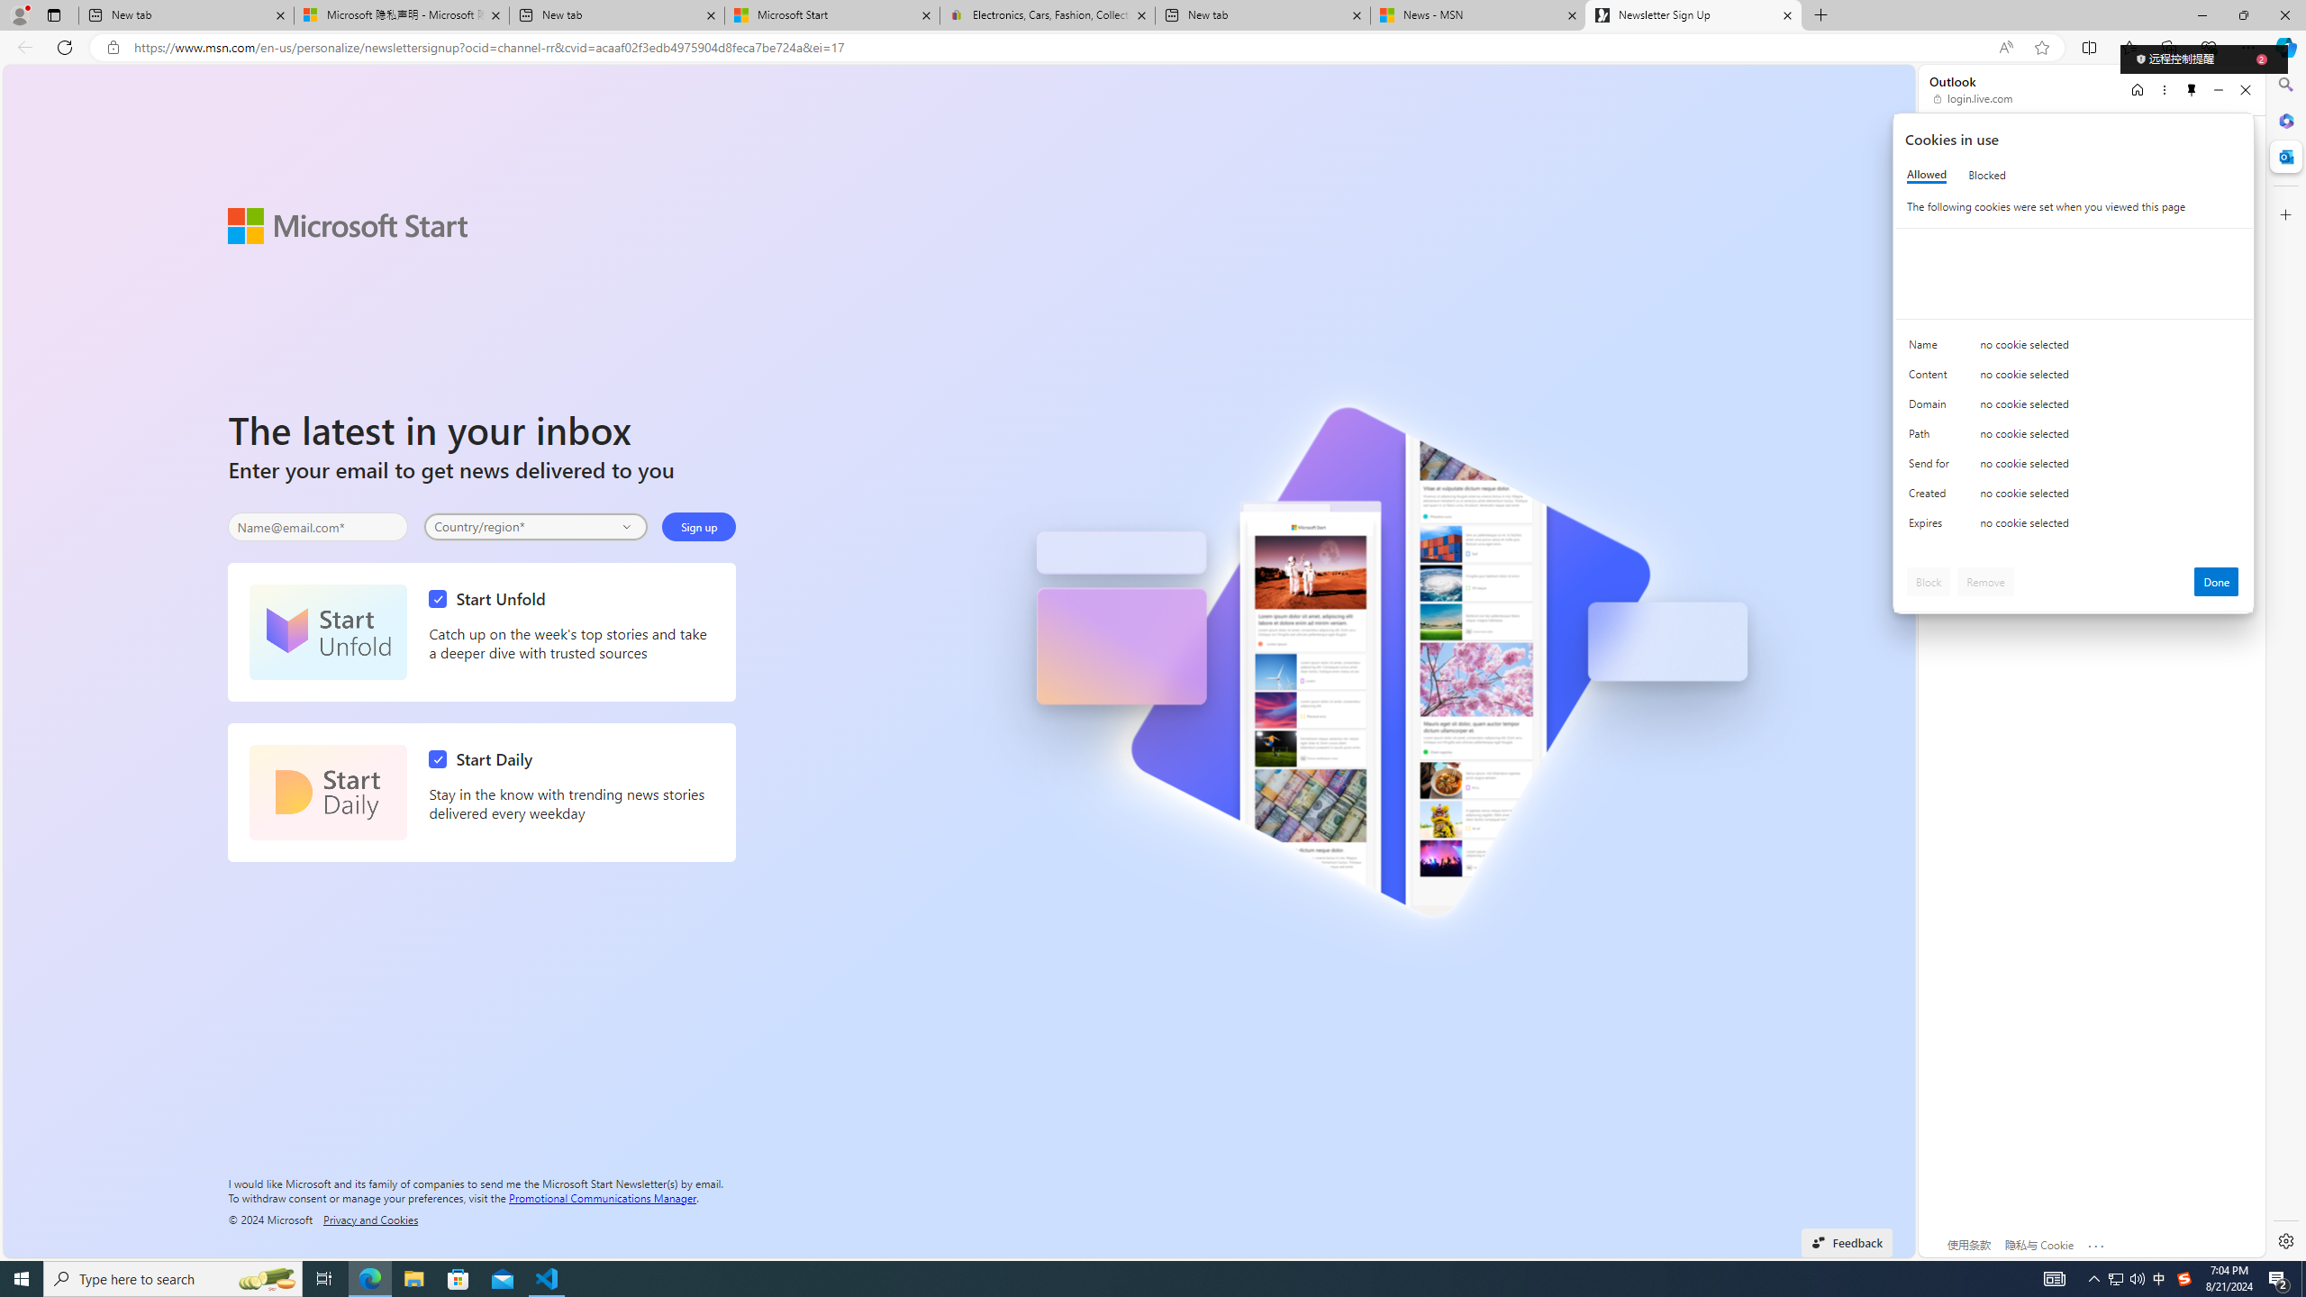  I want to click on 'Newsletter Sign Up', so click(1693, 14).